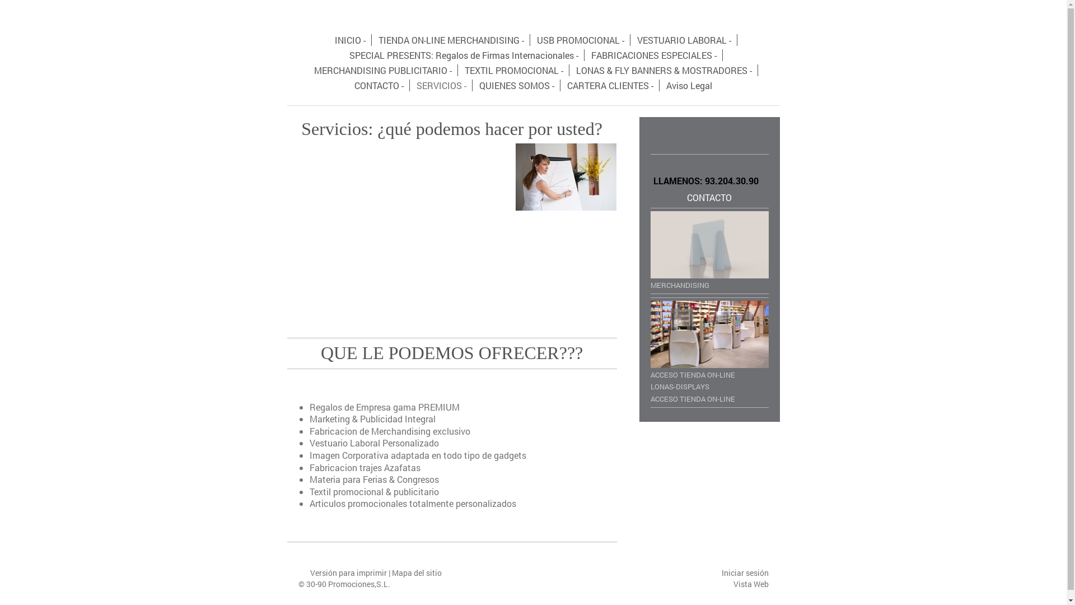  What do you see at coordinates (751, 583) in the screenshot?
I see `'Vista Web'` at bounding box center [751, 583].